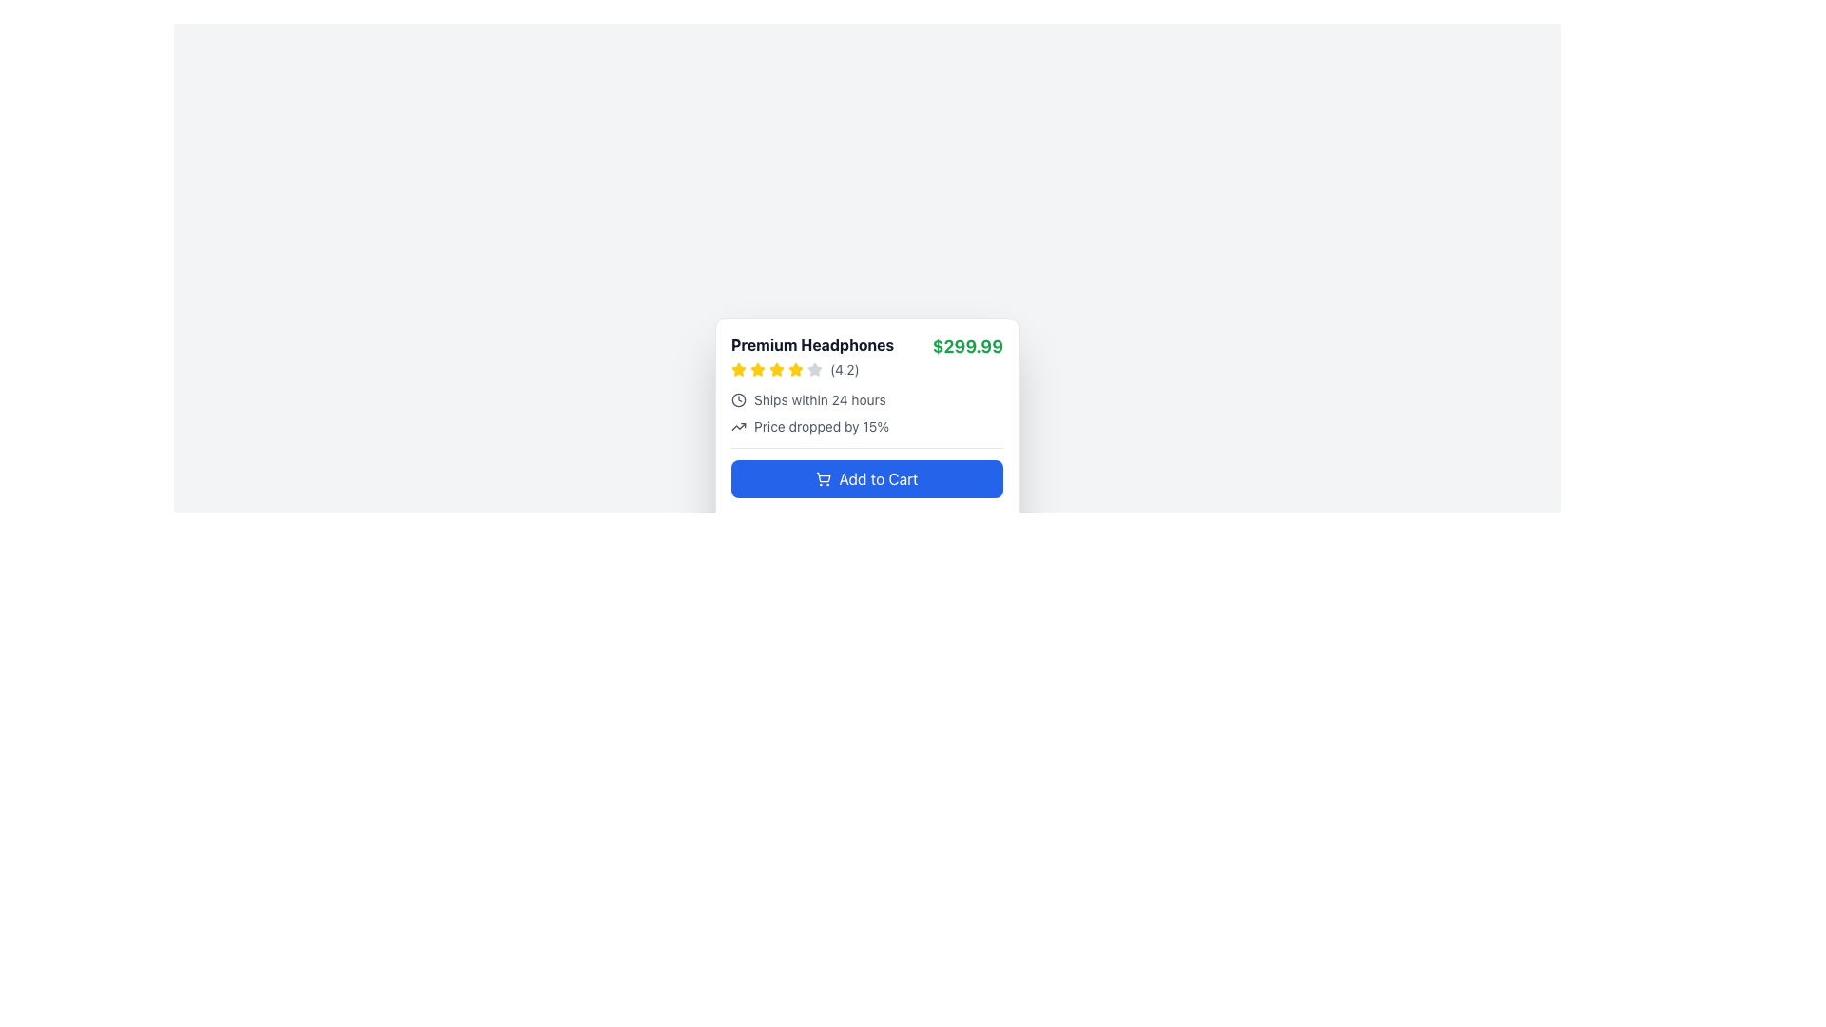  Describe the element at coordinates (967, 347) in the screenshot. I see `the prominent Text Label displaying the monetary value of $299.99 in bold green text located in the top-right corner of the product detail card` at that location.